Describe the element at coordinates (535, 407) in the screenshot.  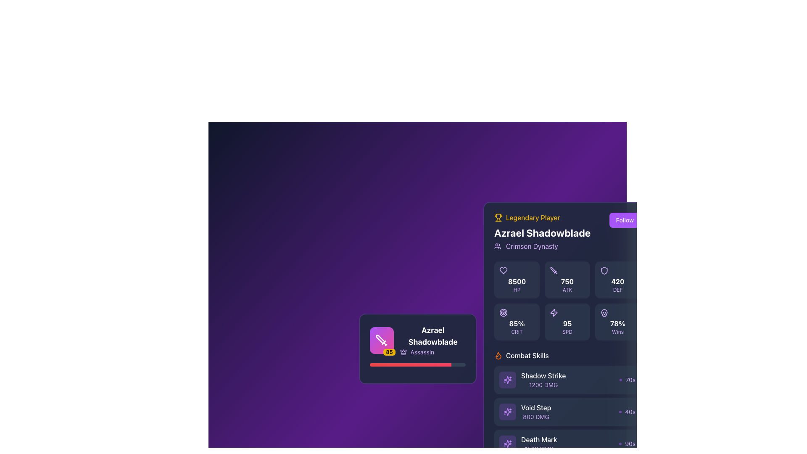
I see `'Void Step' text label, which is styled with a white font color and medium font weight, located in the Combat Skills section of the right panel` at that location.